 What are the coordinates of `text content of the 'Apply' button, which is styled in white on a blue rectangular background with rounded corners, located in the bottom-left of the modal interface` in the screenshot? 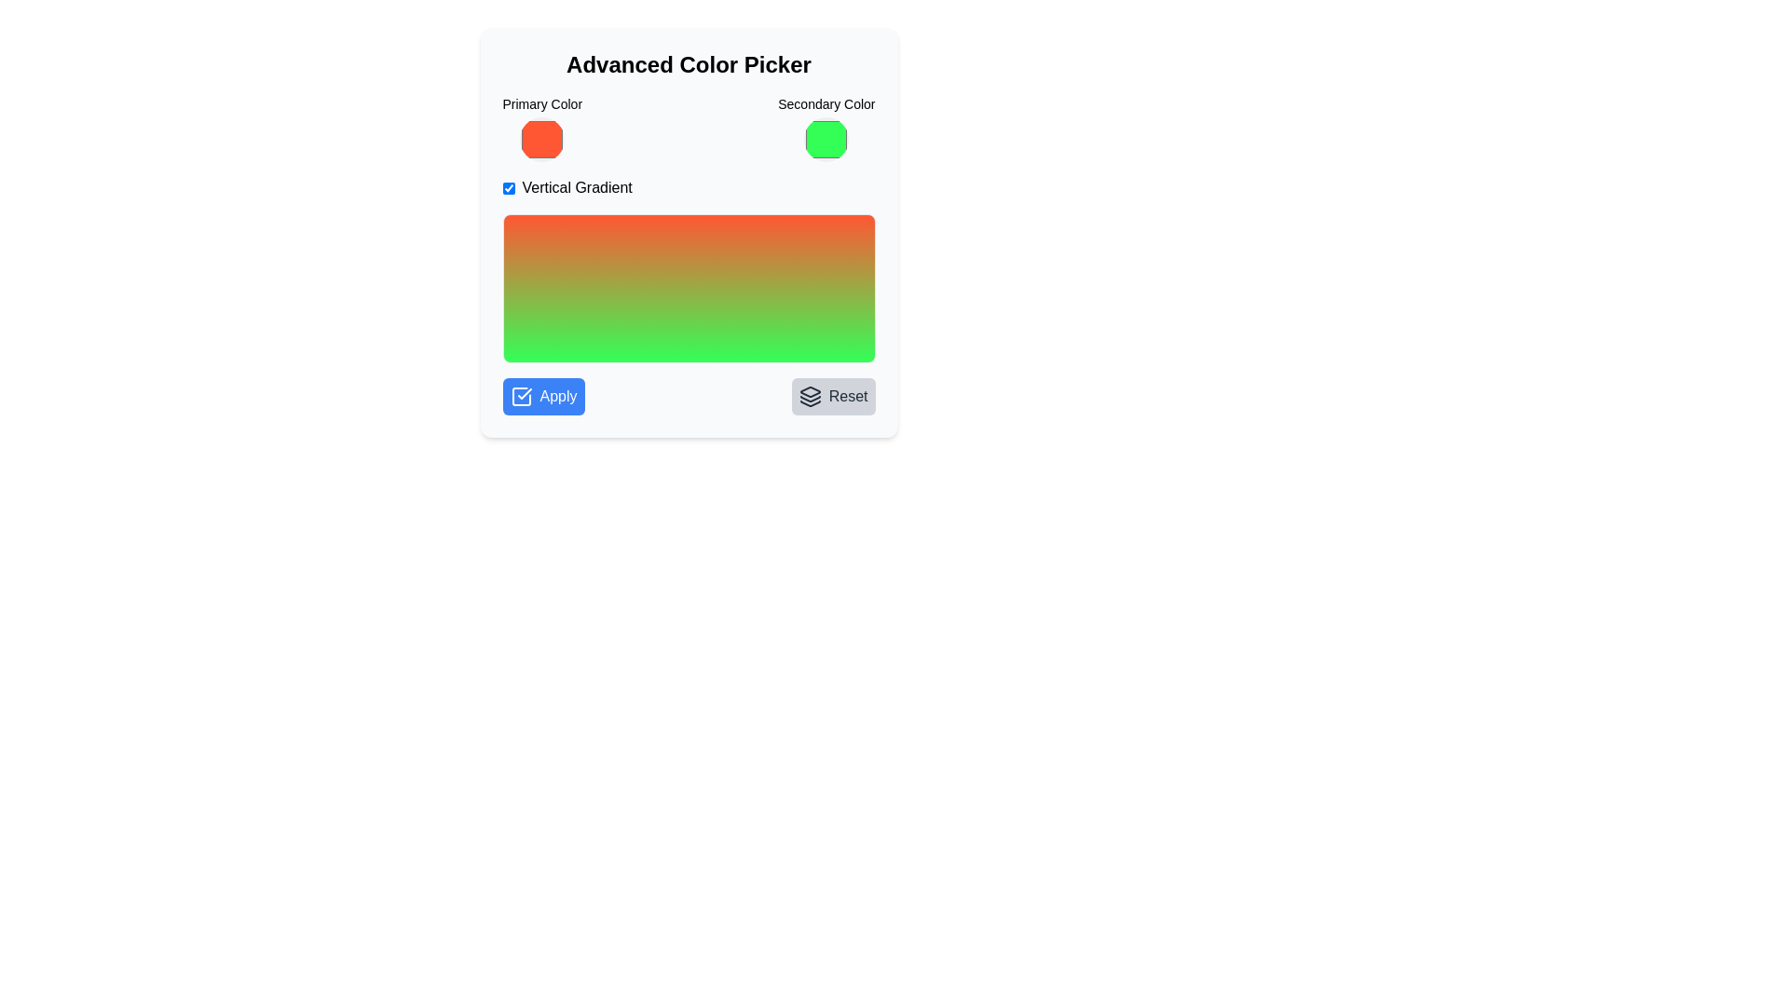 It's located at (557, 395).